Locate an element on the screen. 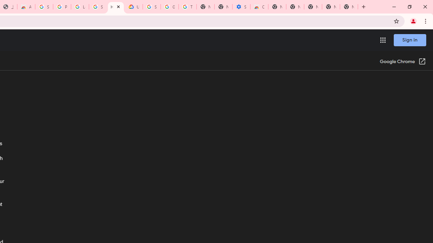 The image size is (433, 243). 'New Tab' is located at coordinates (349, 7).